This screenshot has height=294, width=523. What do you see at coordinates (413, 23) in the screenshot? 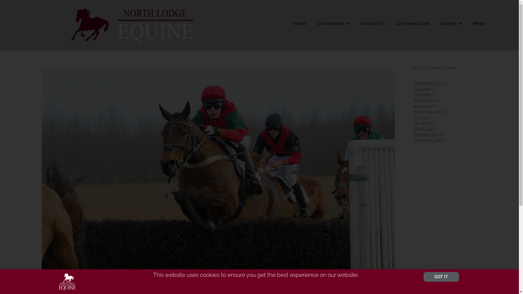
I see `'Live Arena Cam'` at bounding box center [413, 23].